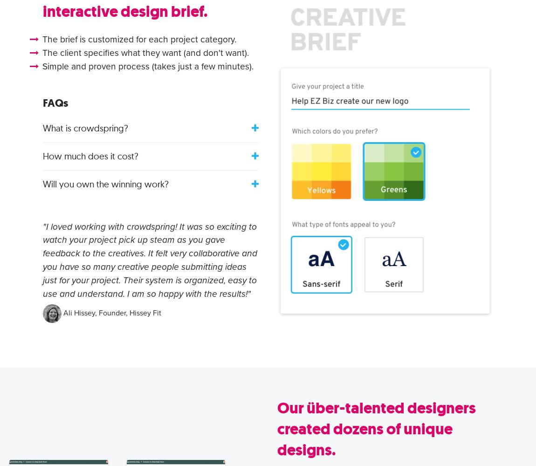 The image size is (536, 466). What do you see at coordinates (41, 155) in the screenshot?
I see `'How much does it cost?'` at bounding box center [41, 155].